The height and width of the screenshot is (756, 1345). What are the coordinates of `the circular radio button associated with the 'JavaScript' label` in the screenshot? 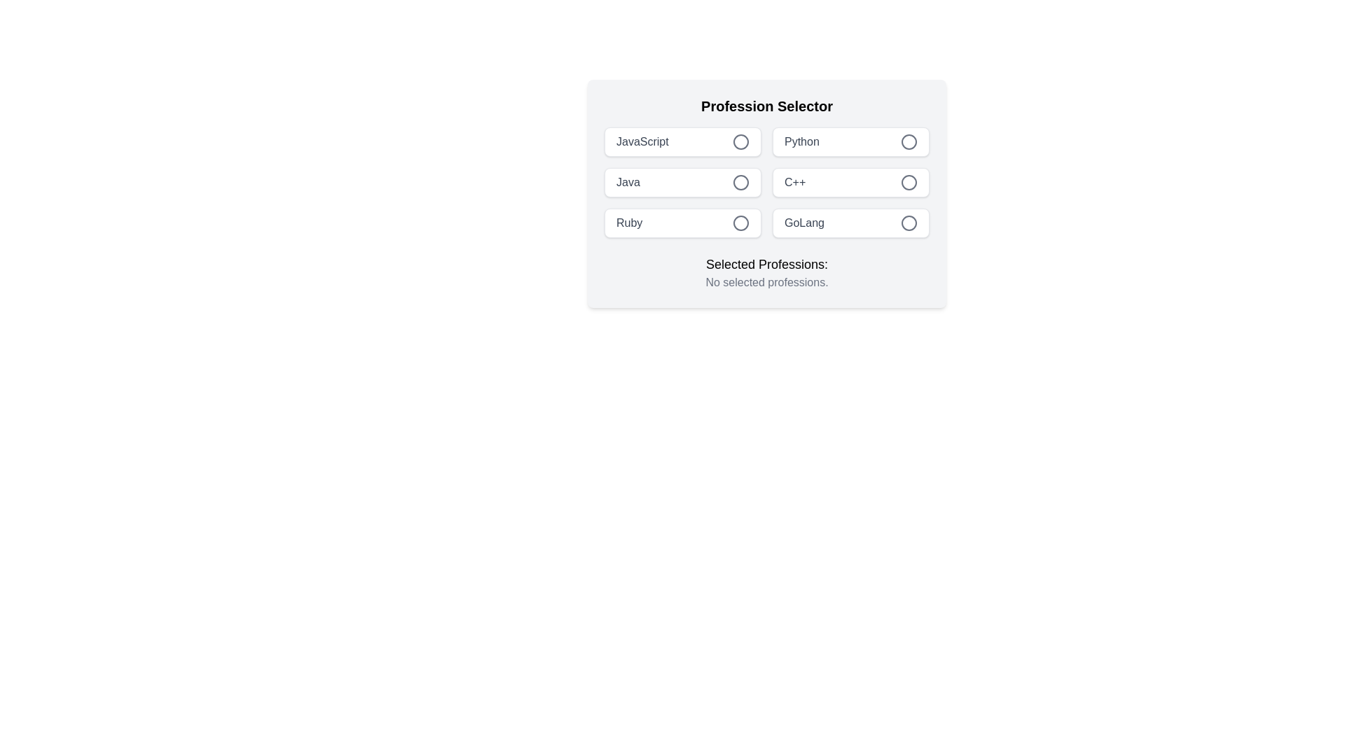 It's located at (740, 142).